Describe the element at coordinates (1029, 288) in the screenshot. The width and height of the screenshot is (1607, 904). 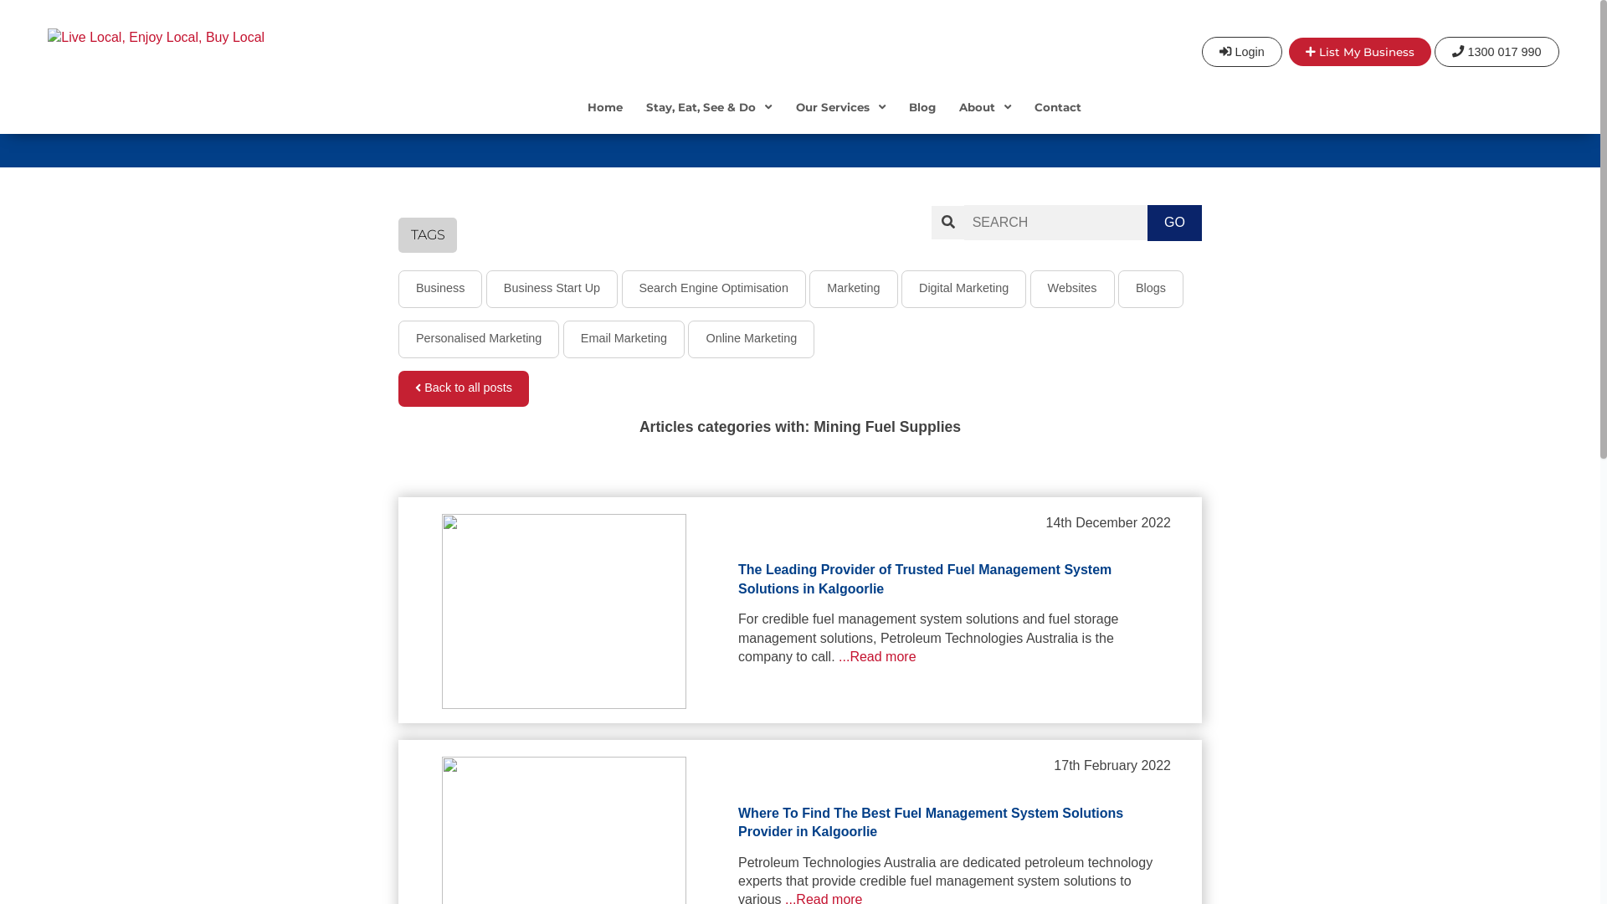
I see `'Websites'` at that location.